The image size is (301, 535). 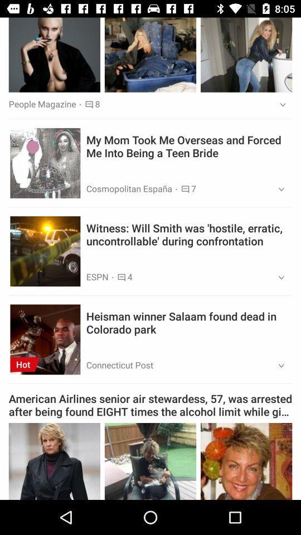 I want to click on the app next to 7, so click(x=277, y=189).